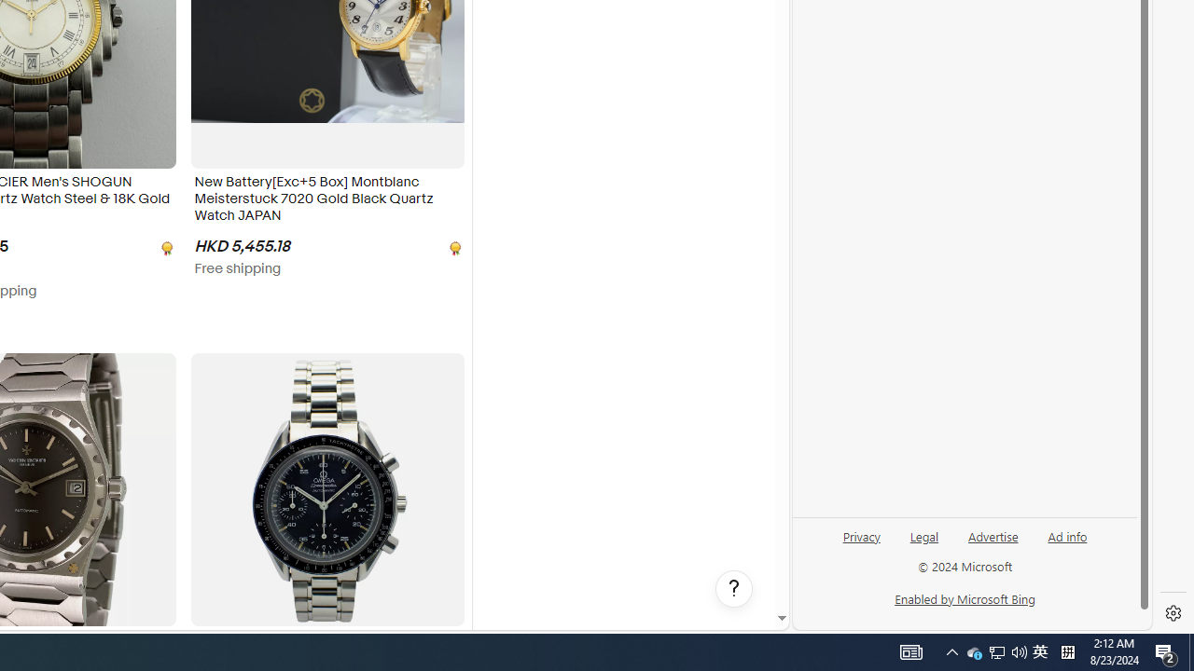 The height and width of the screenshot is (671, 1194). I want to click on '[object Undefined]', so click(453, 246).